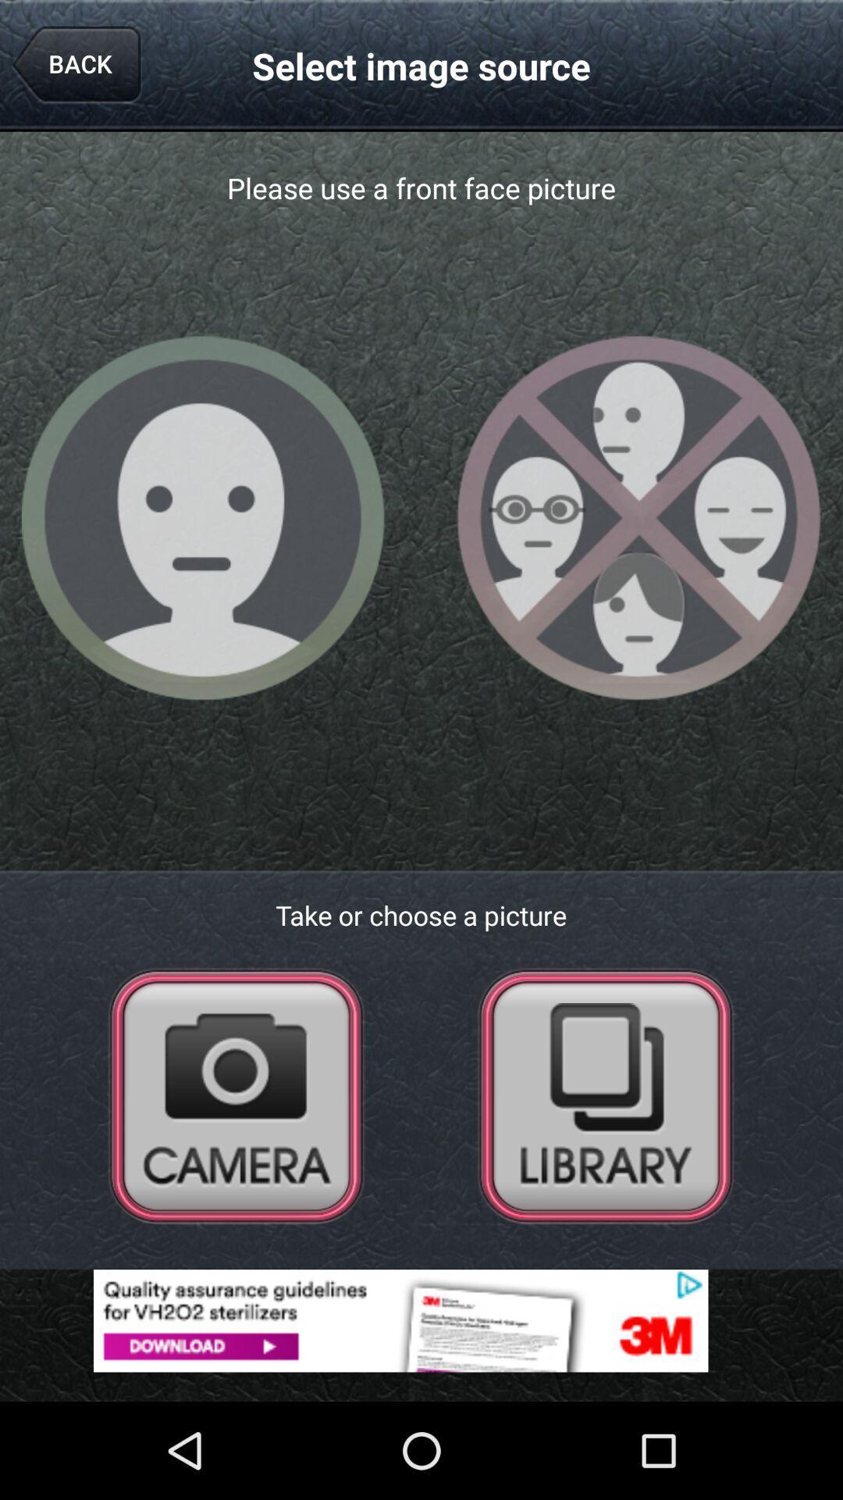  Describe the element at coordinates (605, 1095) in the screenshot. I see `library option` at that location.